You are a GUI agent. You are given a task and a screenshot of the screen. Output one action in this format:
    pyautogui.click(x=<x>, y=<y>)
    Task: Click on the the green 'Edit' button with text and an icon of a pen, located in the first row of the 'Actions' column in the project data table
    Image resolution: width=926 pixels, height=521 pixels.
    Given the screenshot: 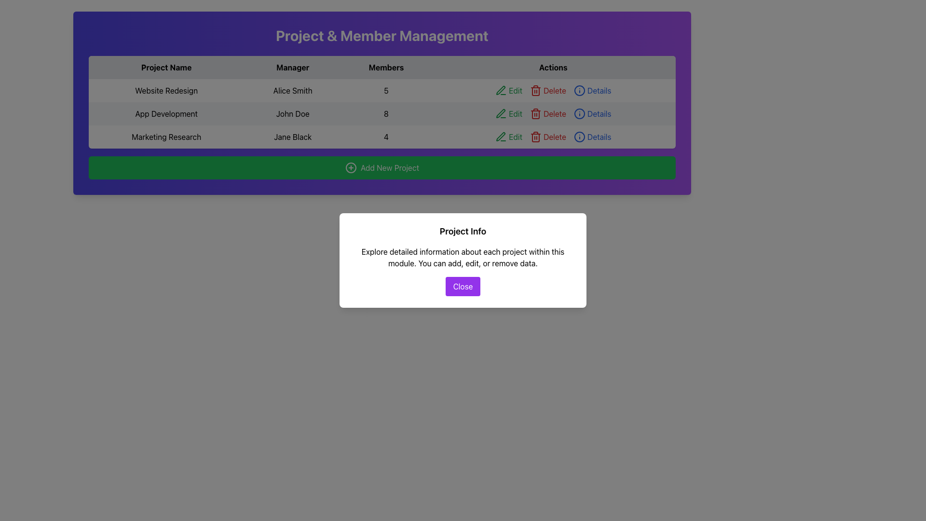 What is the action you would take?
    pyautogui.click(x=508, y=91)
    